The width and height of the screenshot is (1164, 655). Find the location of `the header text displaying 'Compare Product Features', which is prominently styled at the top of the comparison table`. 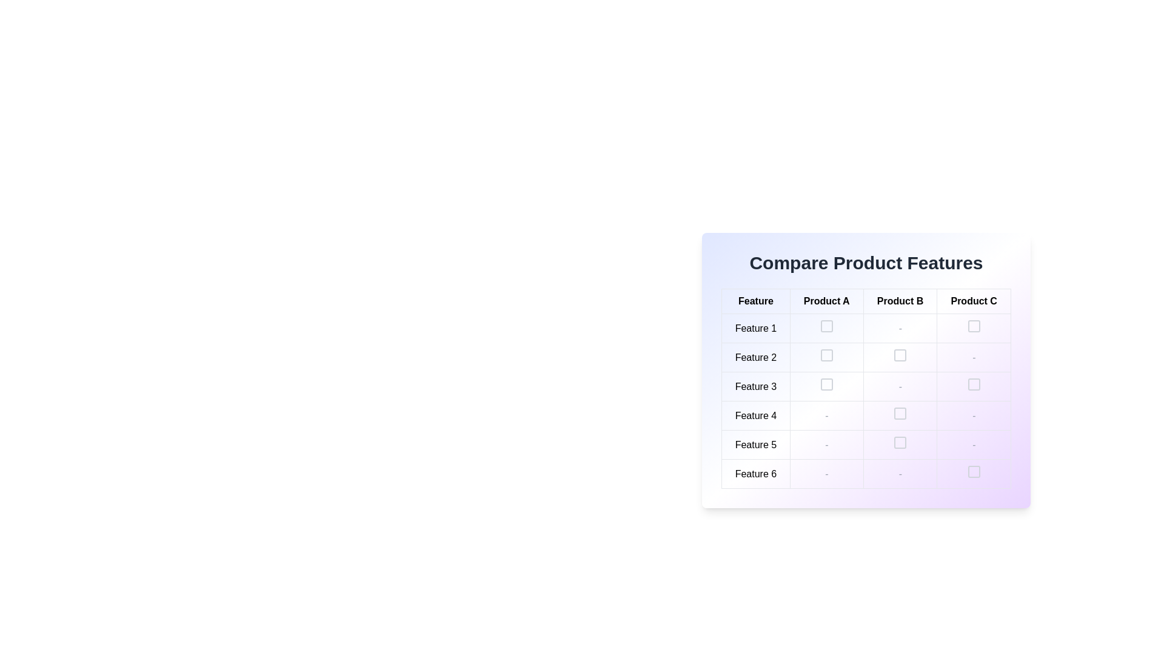

the header text displaying 'Compare Product Features', which is prominently styled at the top of the comparison table is located at coordinates (866, 263).